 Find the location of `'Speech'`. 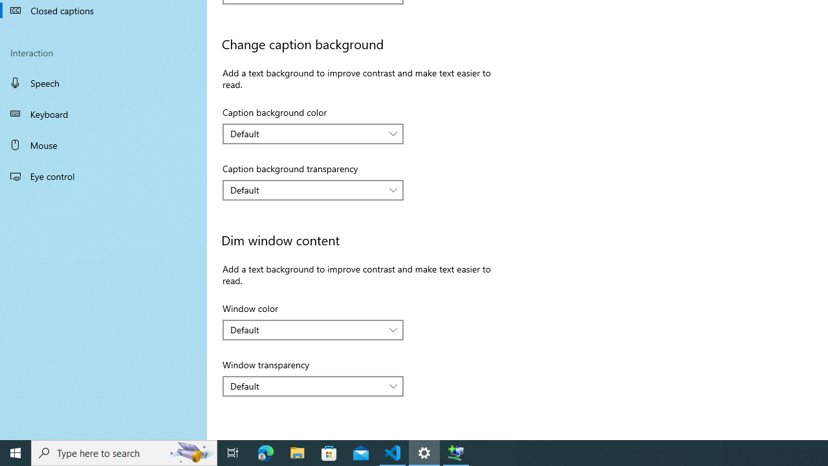

'Speech' is located at coordinates (103, 82).